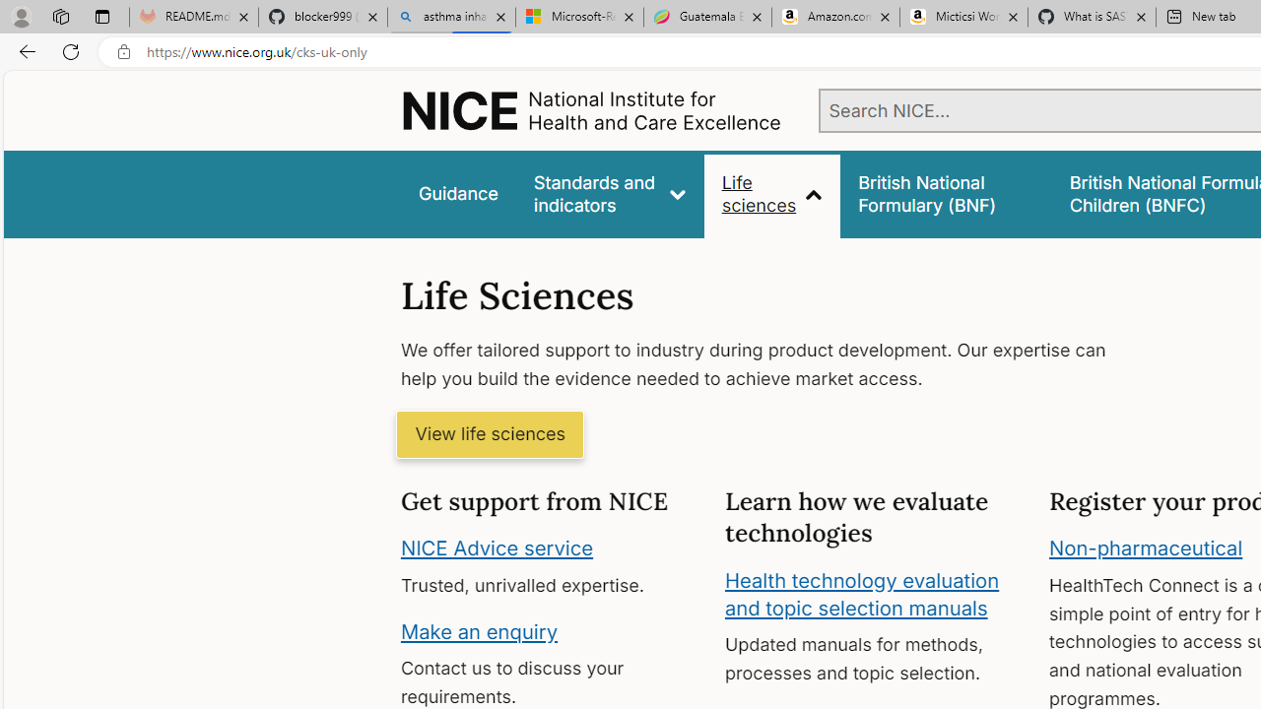 The height and width of the screenshot is (709, 1261). I want to click on 'Non-pharmaceutical', so click(1146, 548).